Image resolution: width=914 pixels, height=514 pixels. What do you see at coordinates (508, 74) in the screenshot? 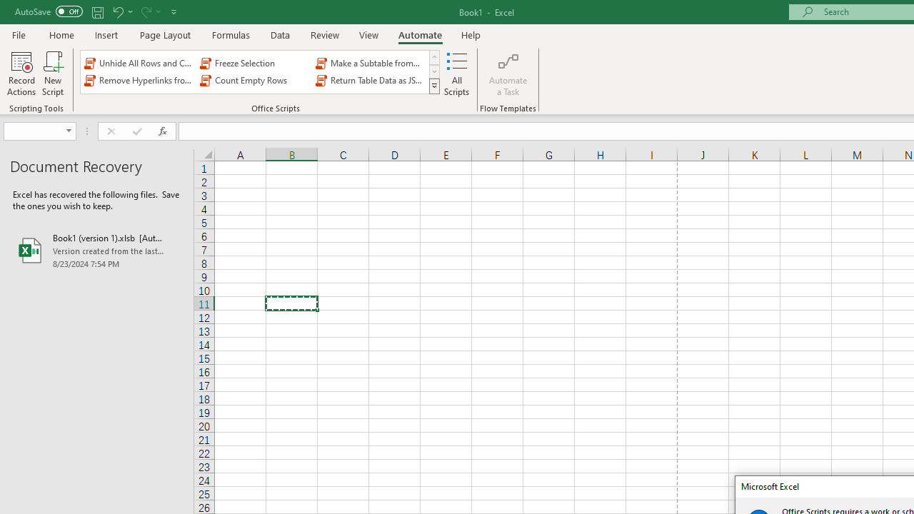
I see `'Automate a Task'` at bounding box center [508, 74].